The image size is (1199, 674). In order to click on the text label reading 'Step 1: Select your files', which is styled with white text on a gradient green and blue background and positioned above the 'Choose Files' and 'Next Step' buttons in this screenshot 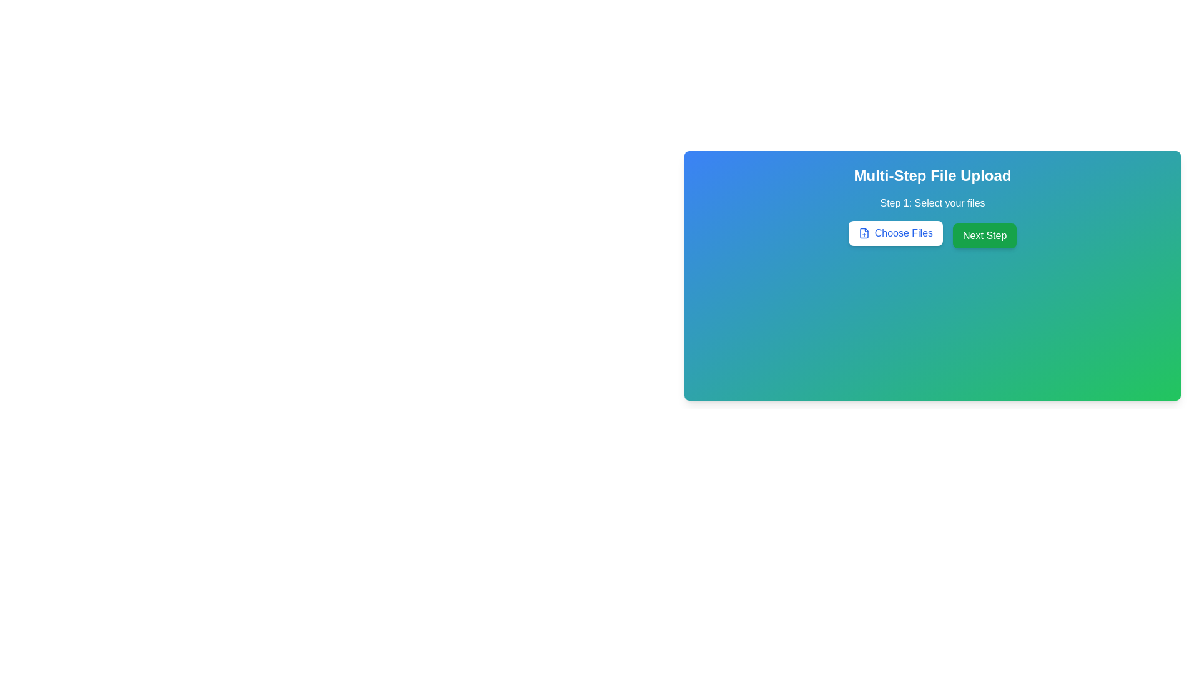, I will do `click(932, 203)`.